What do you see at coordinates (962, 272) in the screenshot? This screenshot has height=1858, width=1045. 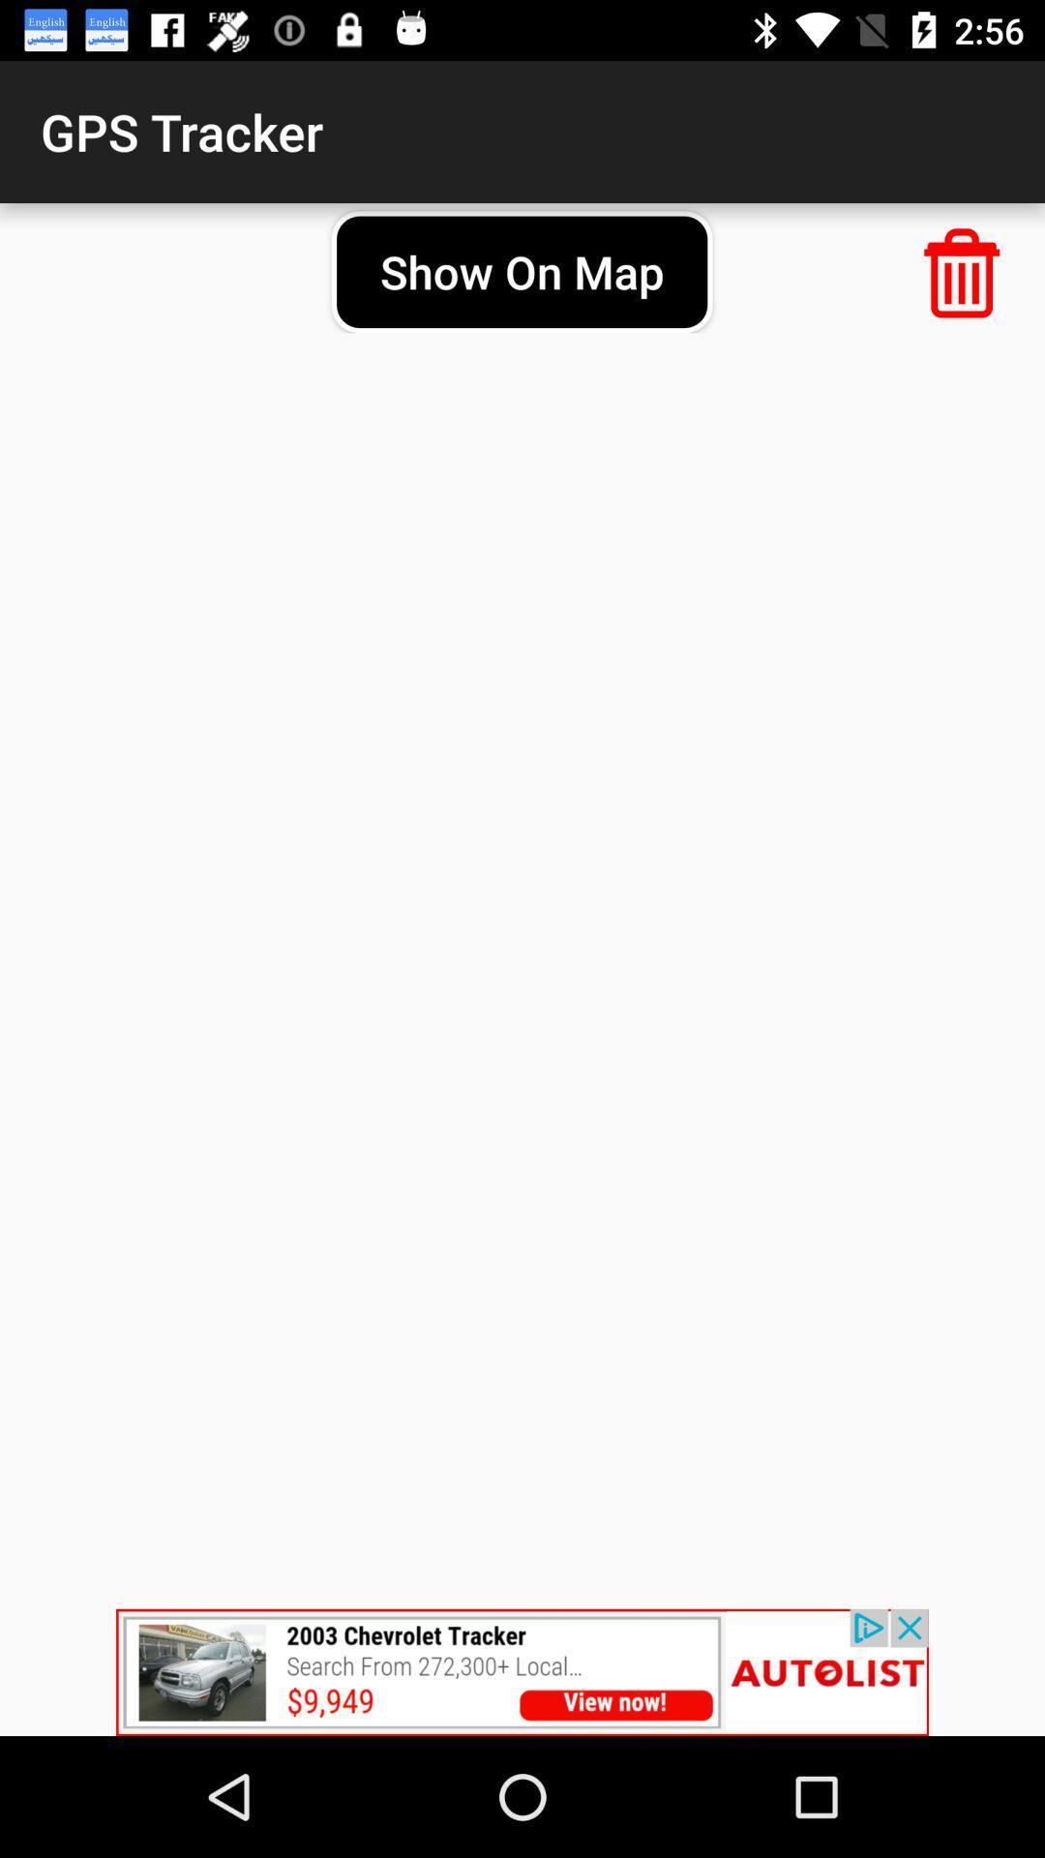 I see `deleted option` at bounding box center [962, 272].